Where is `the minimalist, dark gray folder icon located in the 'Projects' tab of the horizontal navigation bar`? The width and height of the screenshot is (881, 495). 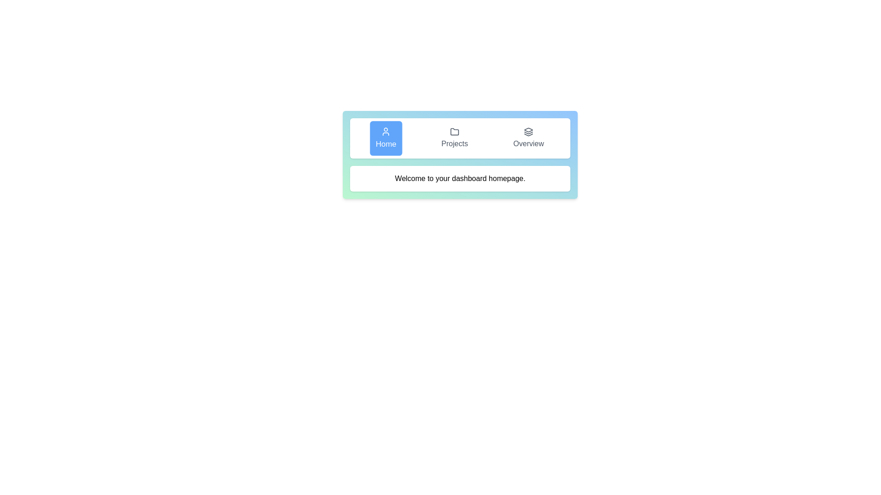 the minimalist, dark gray folder icon located in the 'Projects' tab of the horizontal navigation bar is located at coordinates (454, 132).